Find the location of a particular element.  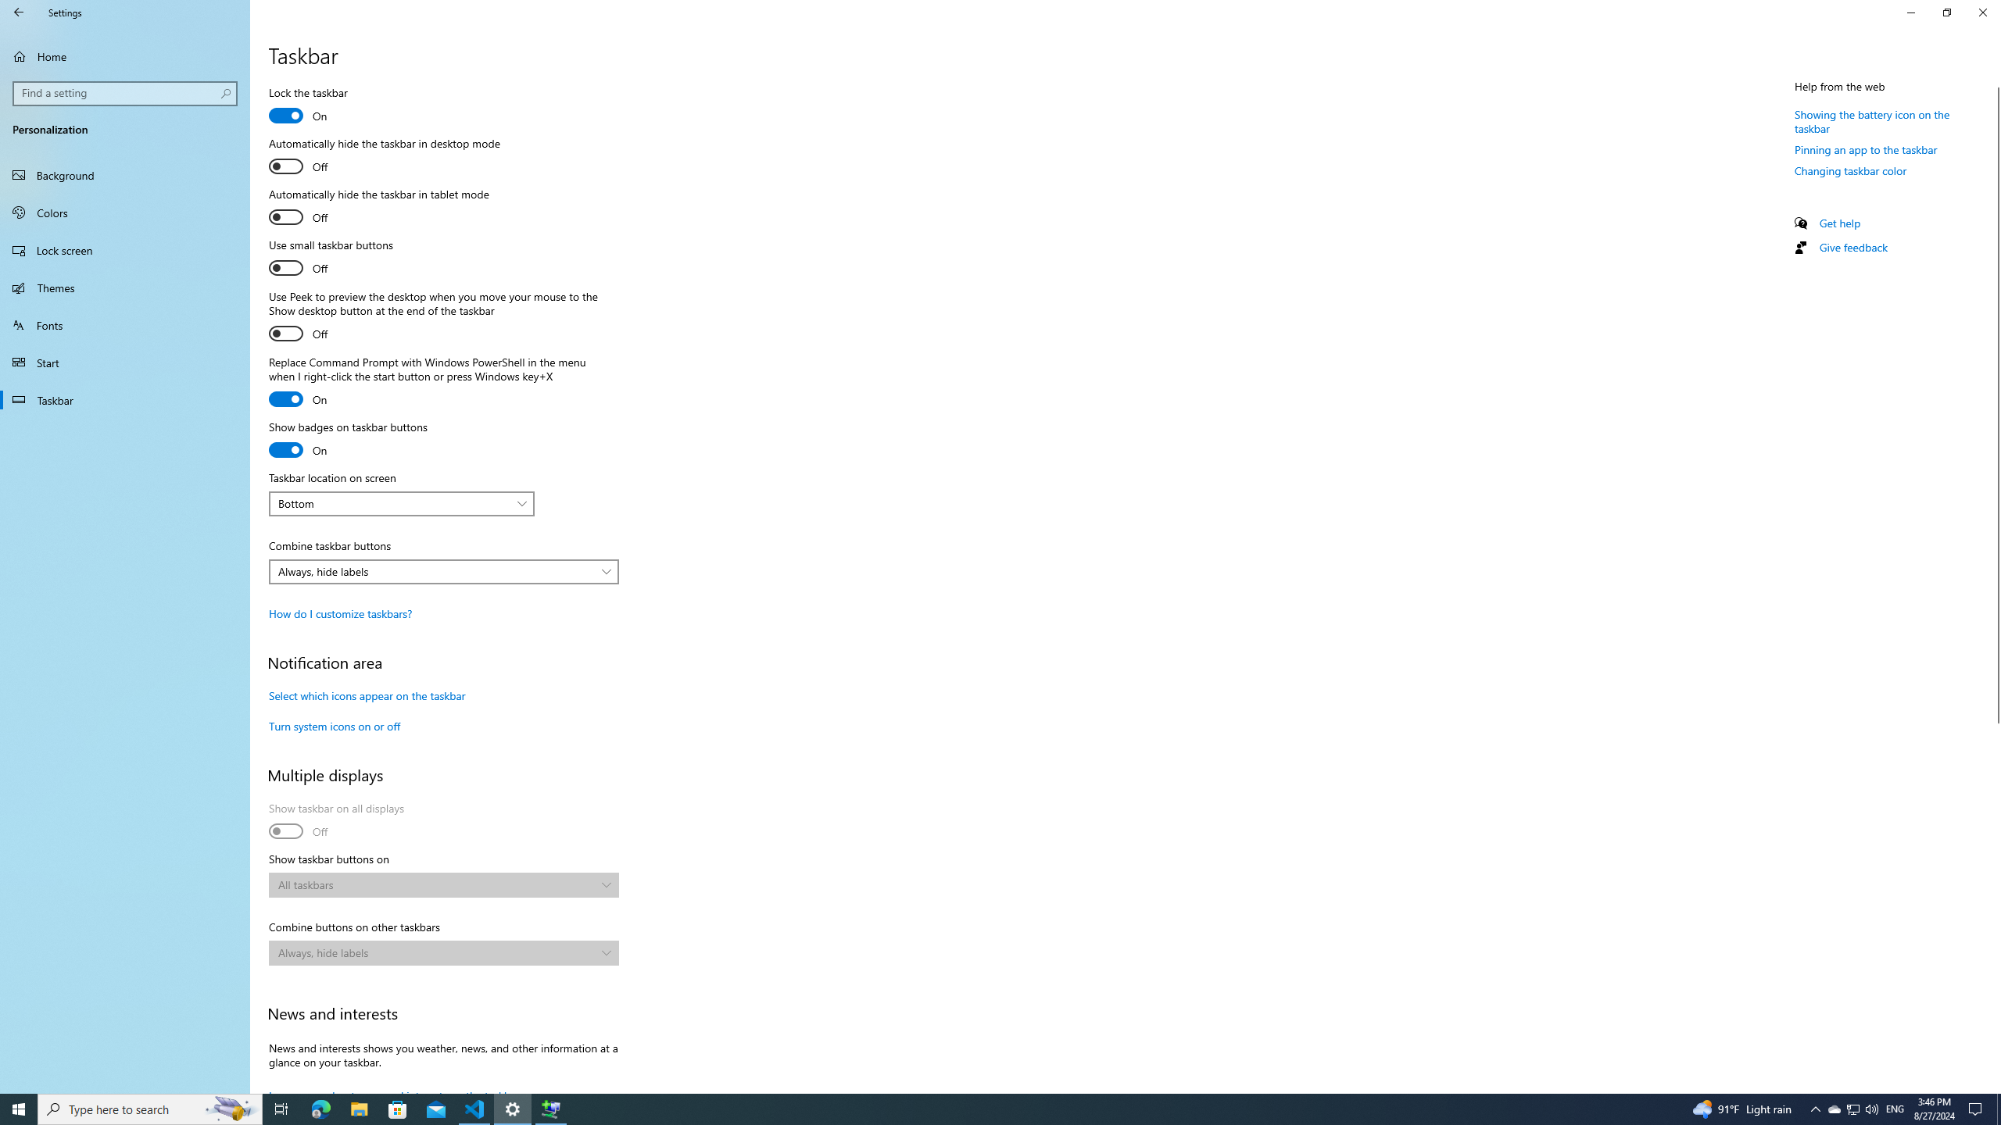

'Settings - 1 running window' is located at coordinates (513, 1108).